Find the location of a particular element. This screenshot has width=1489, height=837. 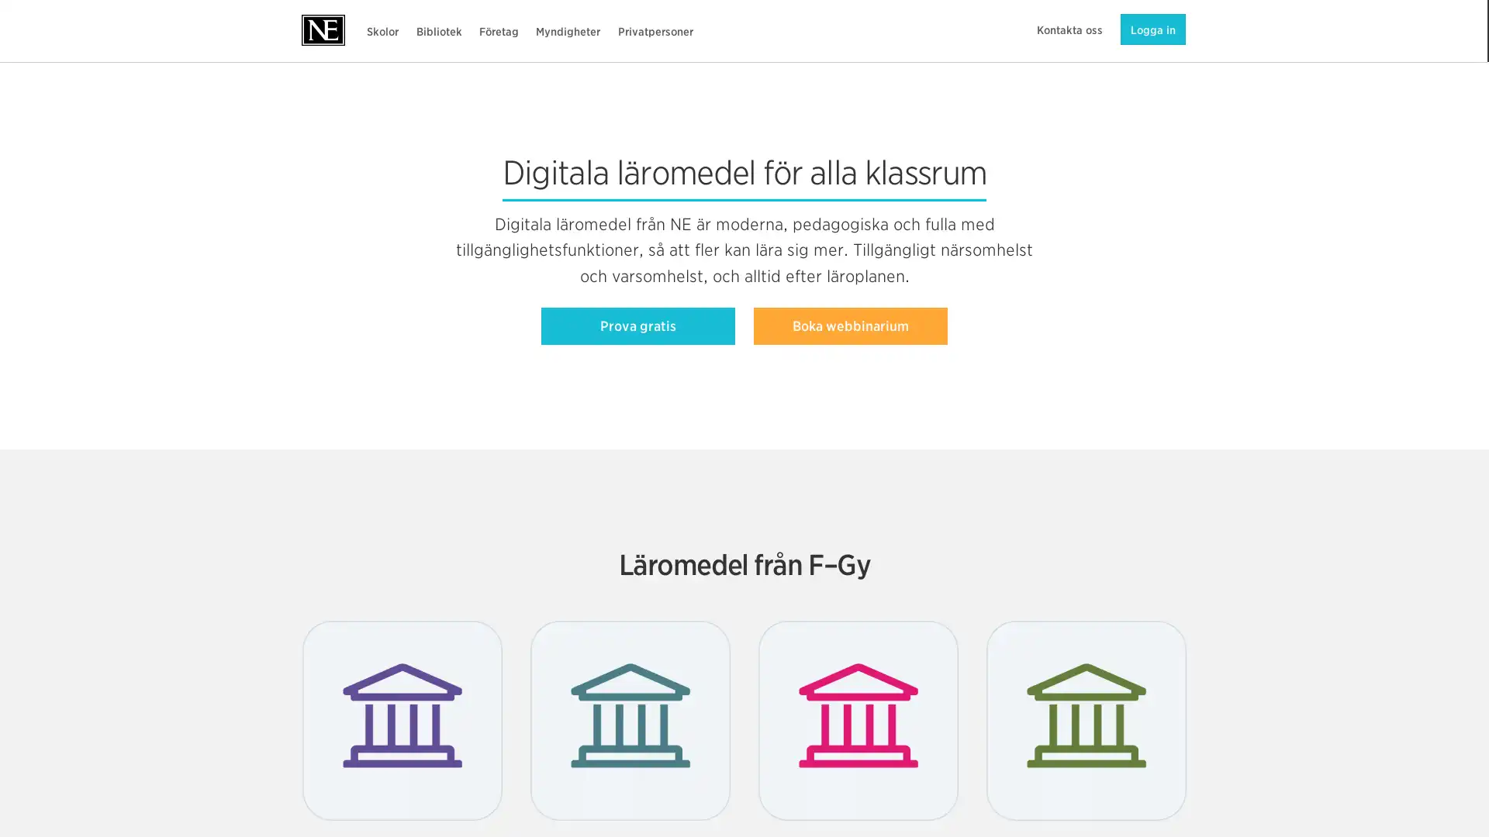

Language: en is located at coordinates (11, 820).